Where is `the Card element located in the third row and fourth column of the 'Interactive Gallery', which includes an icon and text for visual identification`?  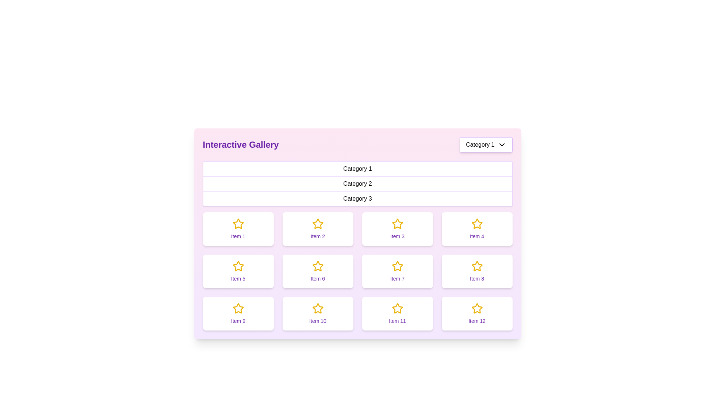
the Card element located in the third row and fourth column of the 'Interactive Gallery', which includes an icon and text for visual identification is located at coordinates (477, 271).